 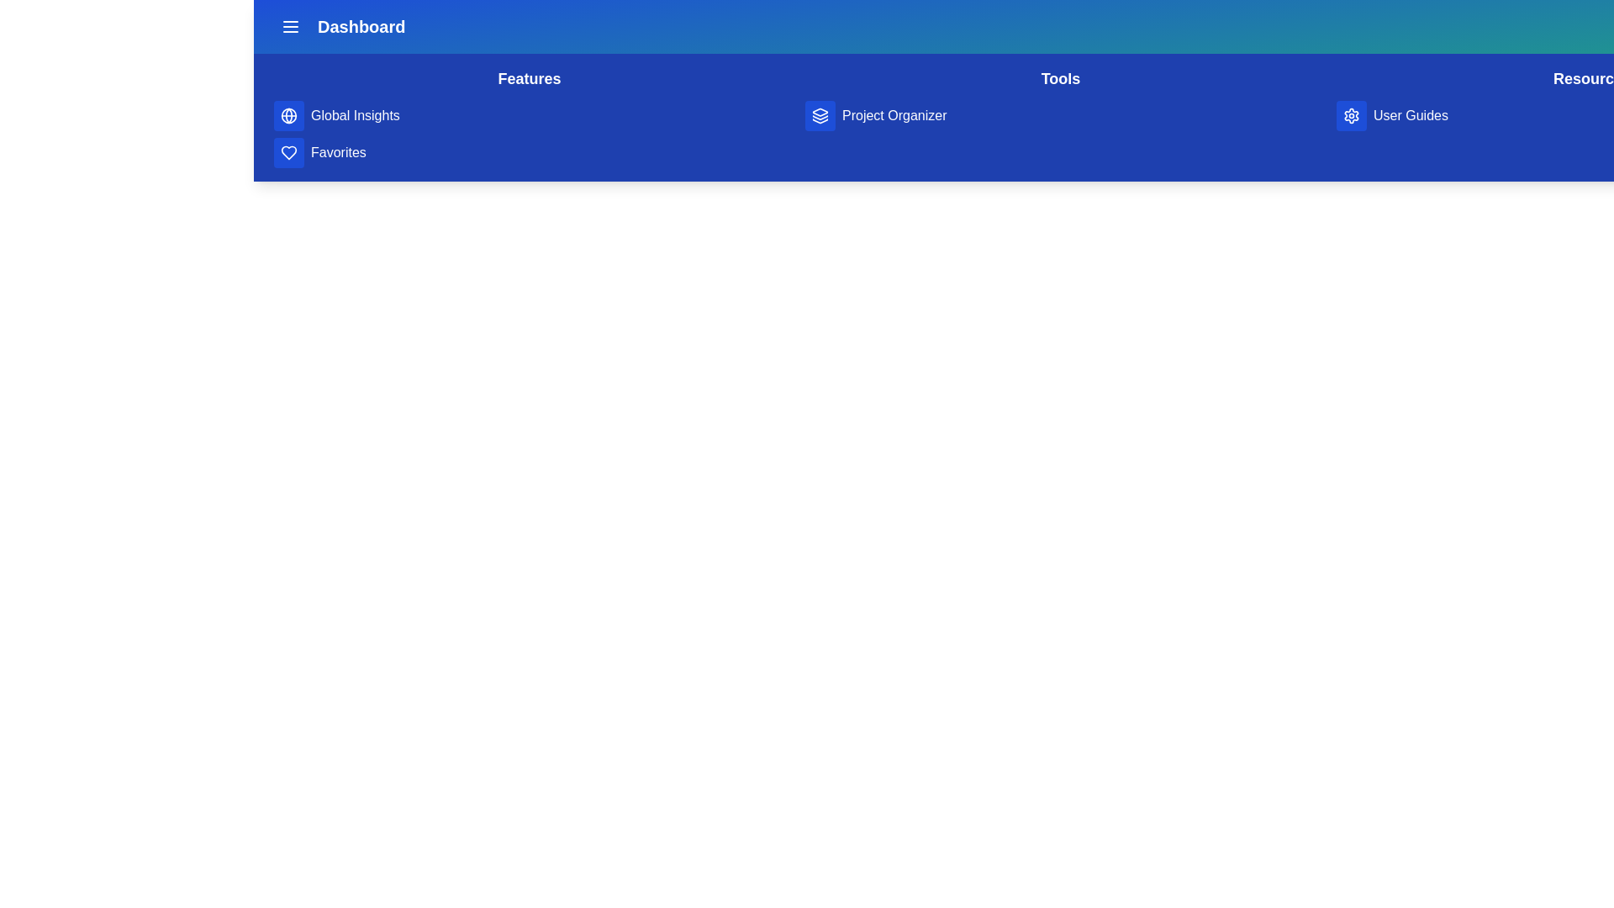 What do you see at coordinates (528, 152) in the screenshot?
I see `the navigation link that allows users` at bounding box center [528, 152].